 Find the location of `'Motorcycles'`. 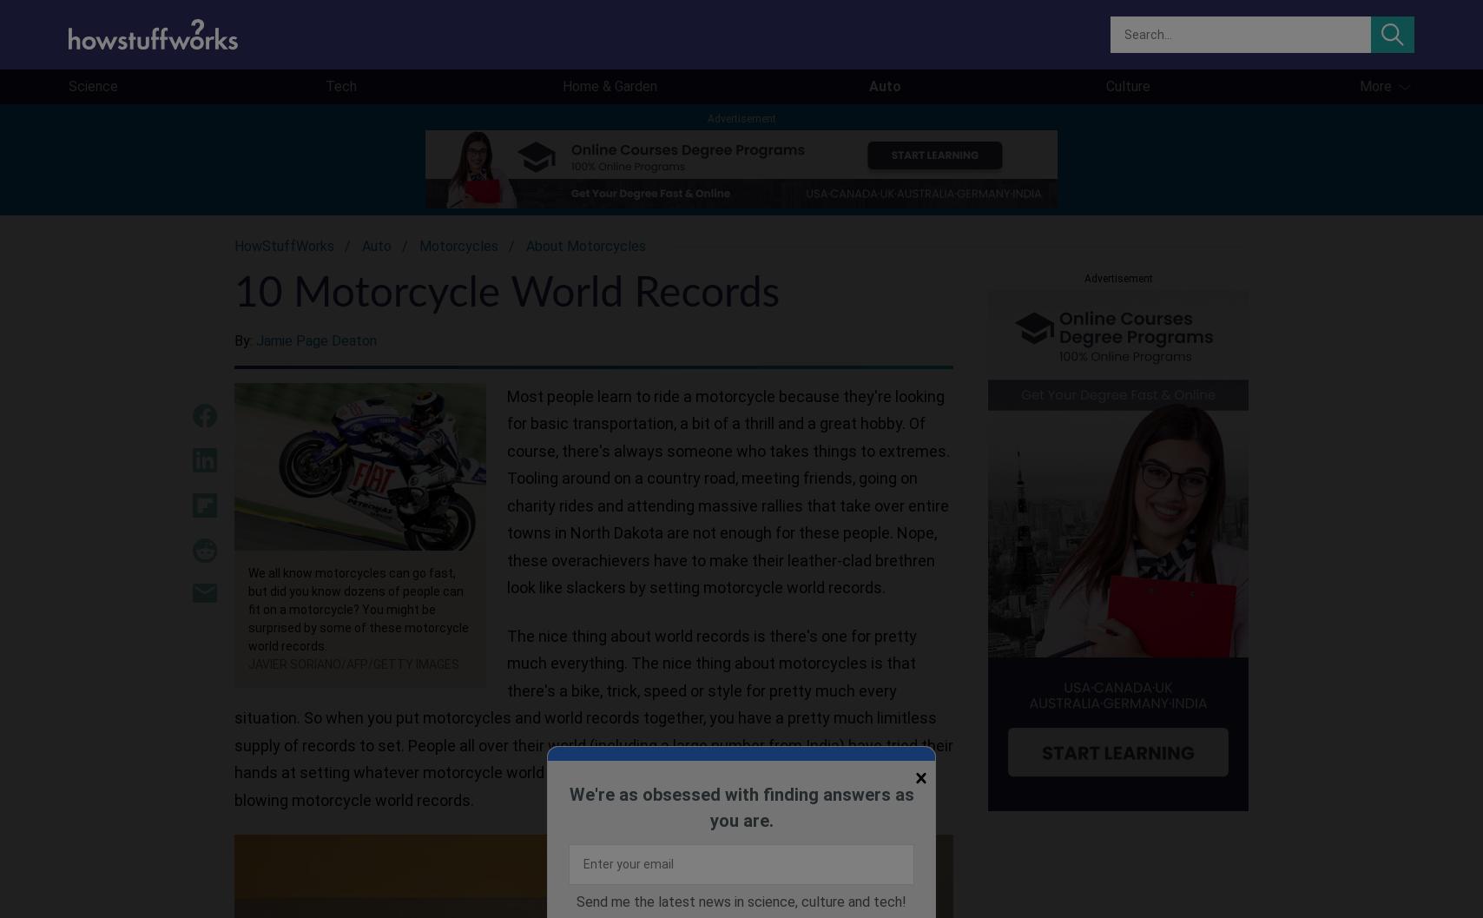

'Motorcycles' is located at coordinates (458, 245).